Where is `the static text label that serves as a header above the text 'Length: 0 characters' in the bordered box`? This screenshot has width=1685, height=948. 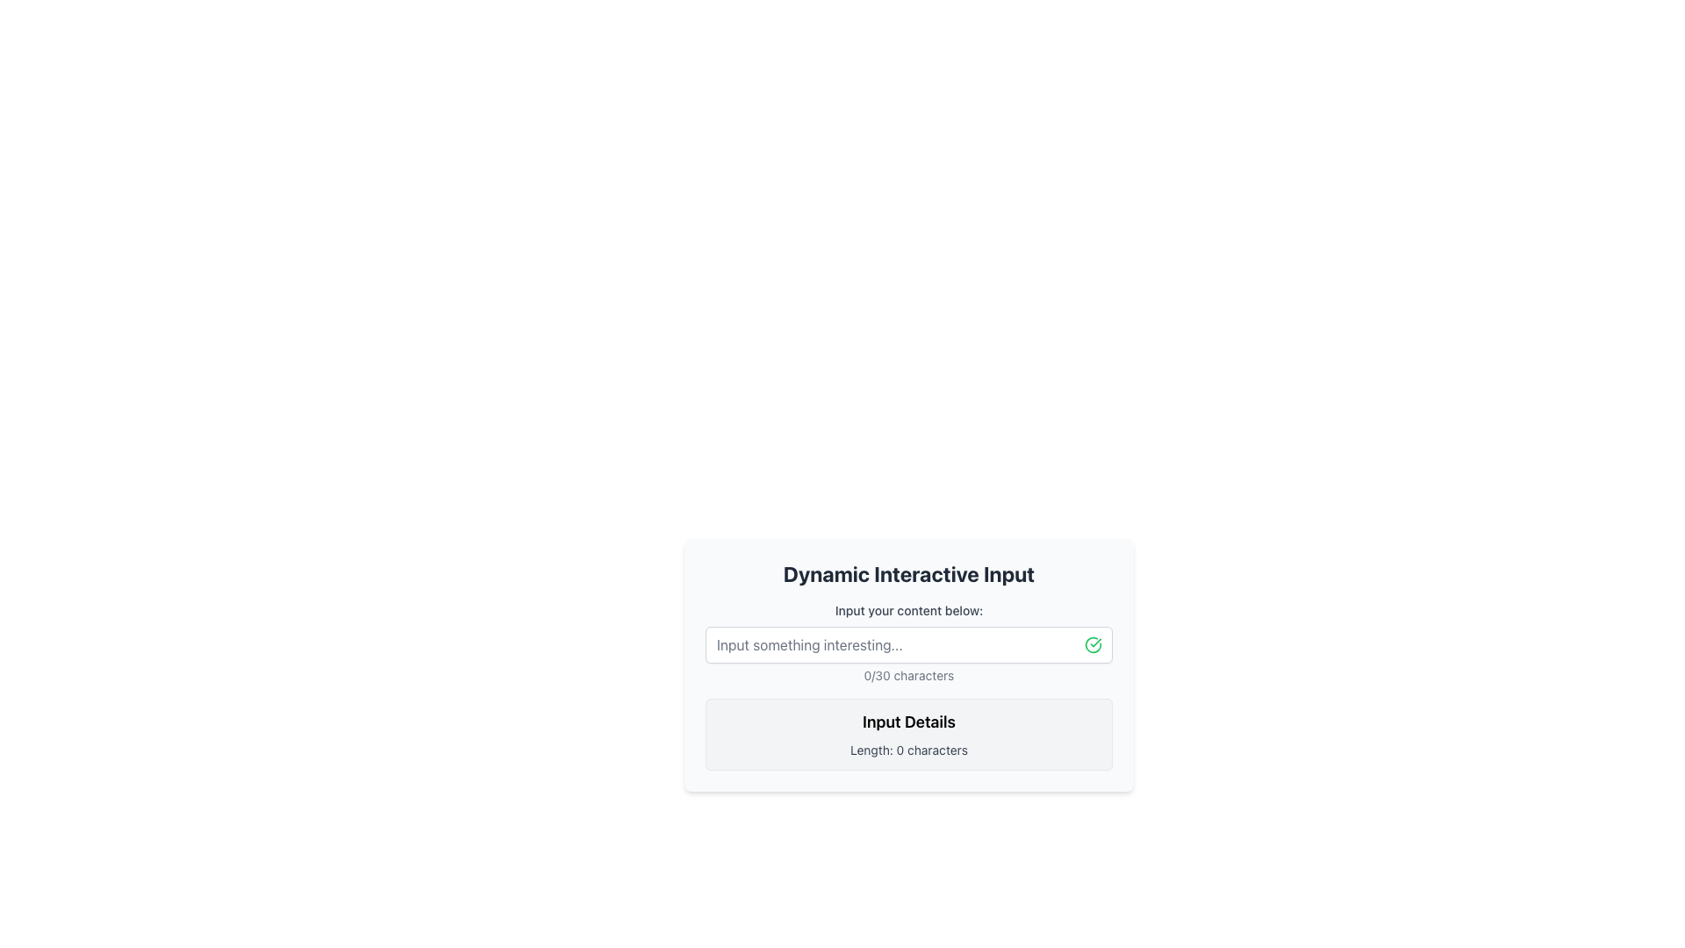
the static text label that serves as a header above the text 'Length: 0 characters' in the bordered box is located at coordinates (909, 722).